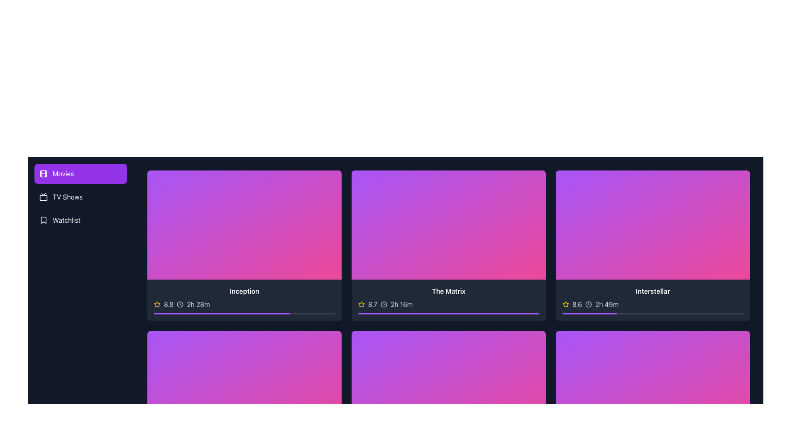 This screenshot has width=797, height=448. I want to click on the Information Card displaying the movie title 'Interstellar', located at the bottom of the third movie card in the top row of the grid layout, so click(653, 300).